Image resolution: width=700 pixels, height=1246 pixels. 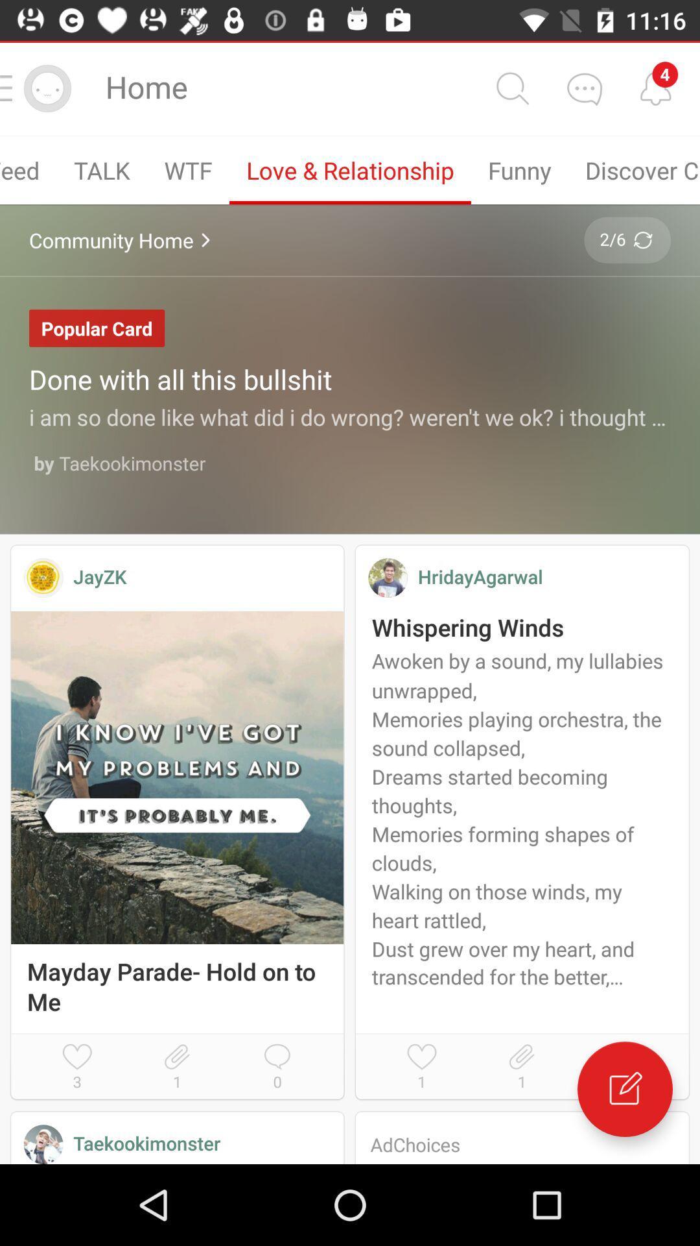 I want to click on the chat icon, so click(x=584, y=88).